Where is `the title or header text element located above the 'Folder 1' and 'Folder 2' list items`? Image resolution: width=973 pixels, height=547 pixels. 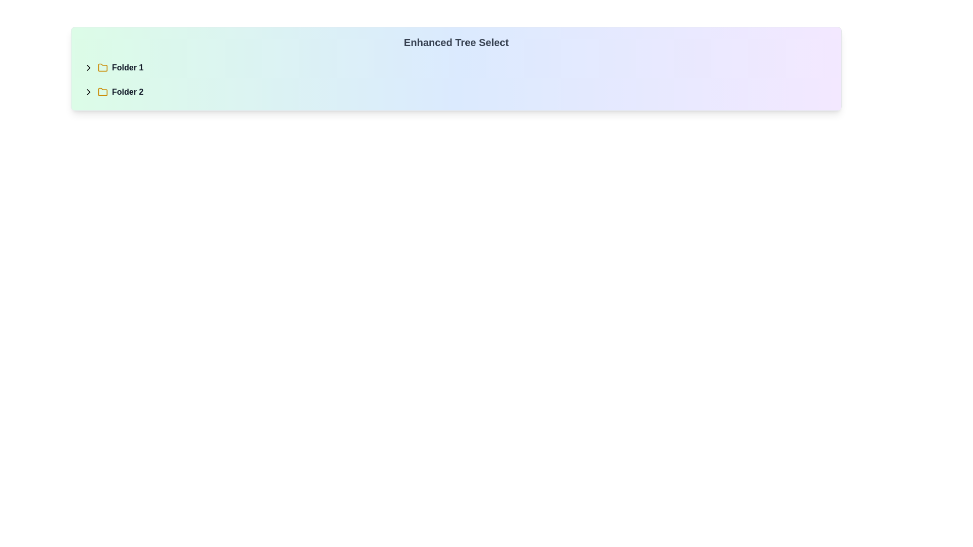 the title or header text element located above the 'Folder 1' and 'Folder 2' list items is located at coordinates (456, 42).